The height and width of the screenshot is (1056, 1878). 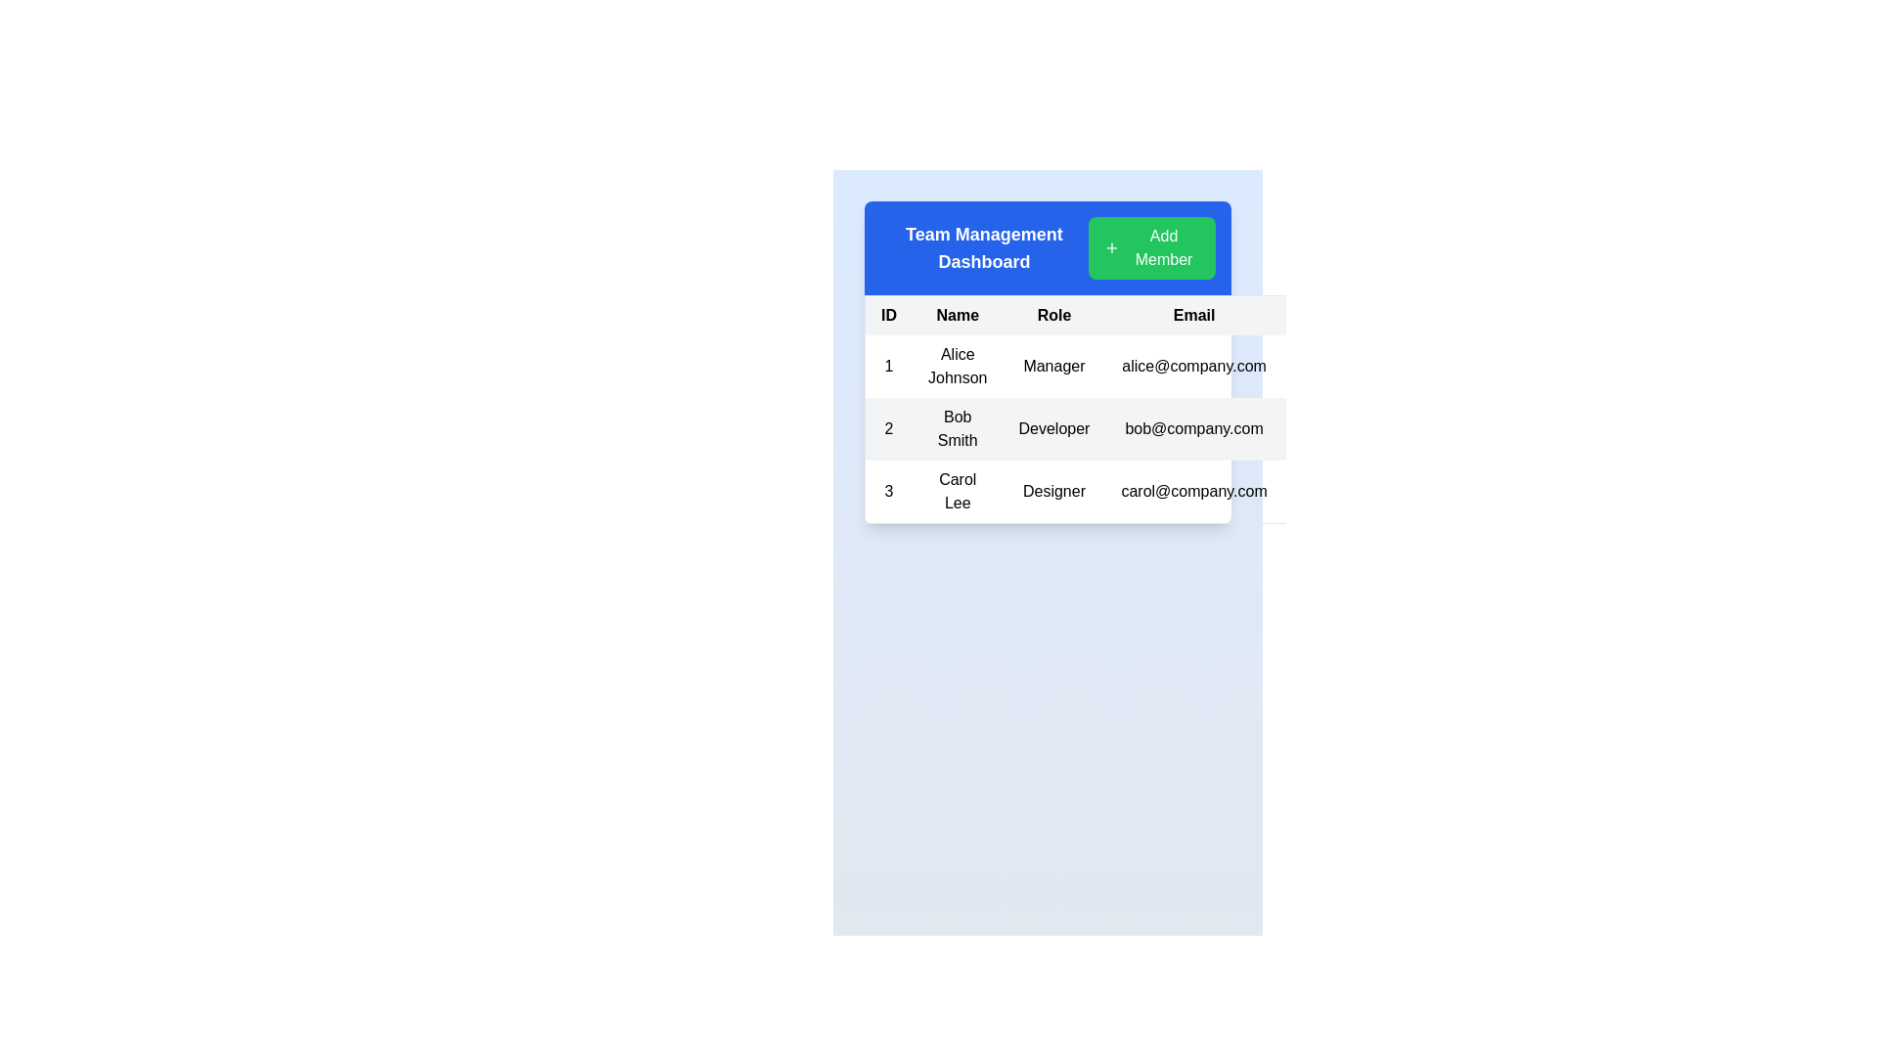 I want to click on the text displaying the role 'Developer' for the user Bob Smith located under the 'Role' column in the second row of the table, so click(x=1052, y=428).